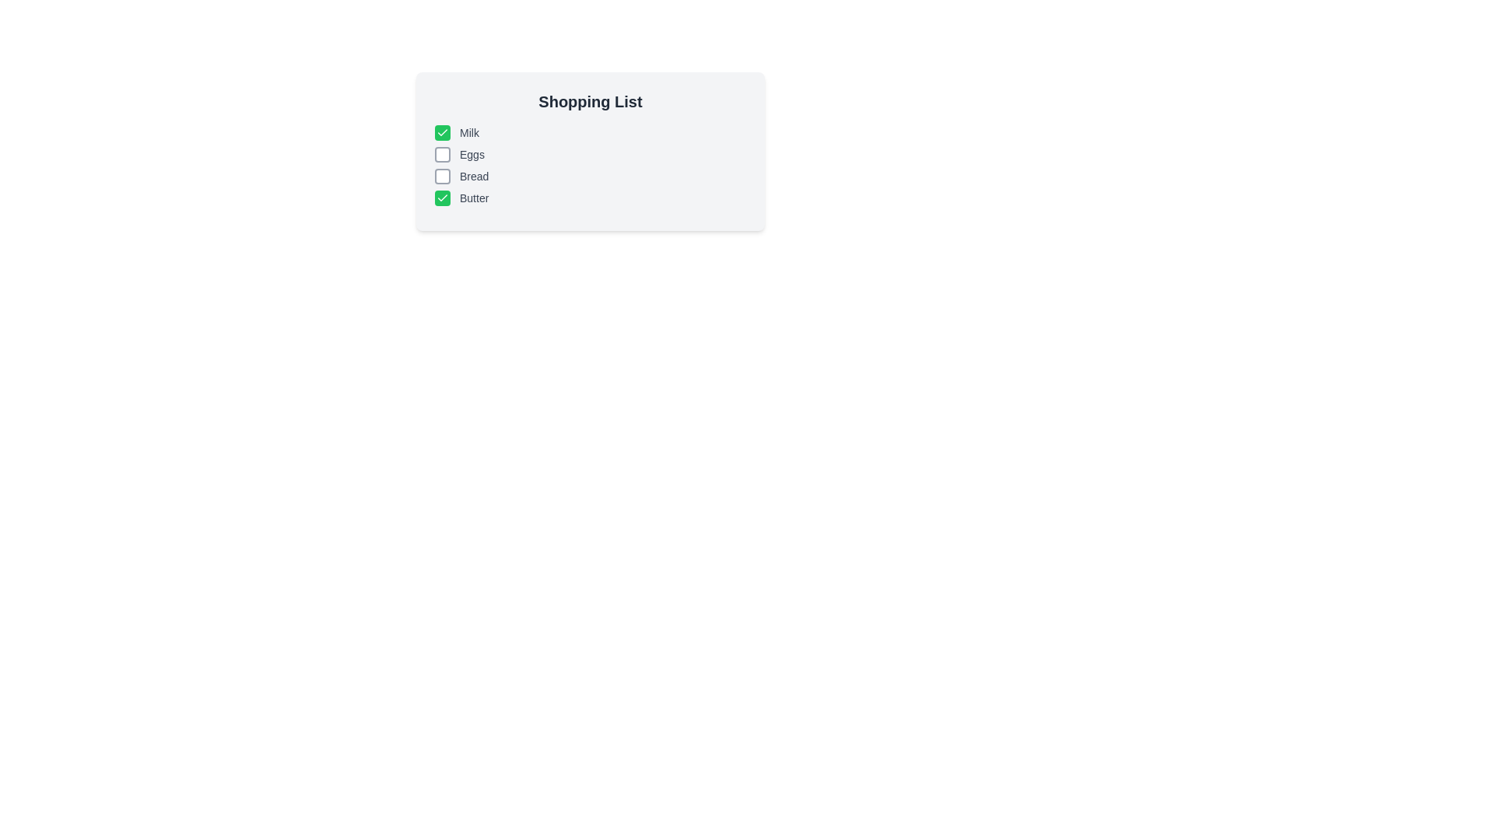 The height and width of the screenshot is (840, 1494). I want to click on the checkbox for 'Eggs' to toggle its state, so click(442, 155).